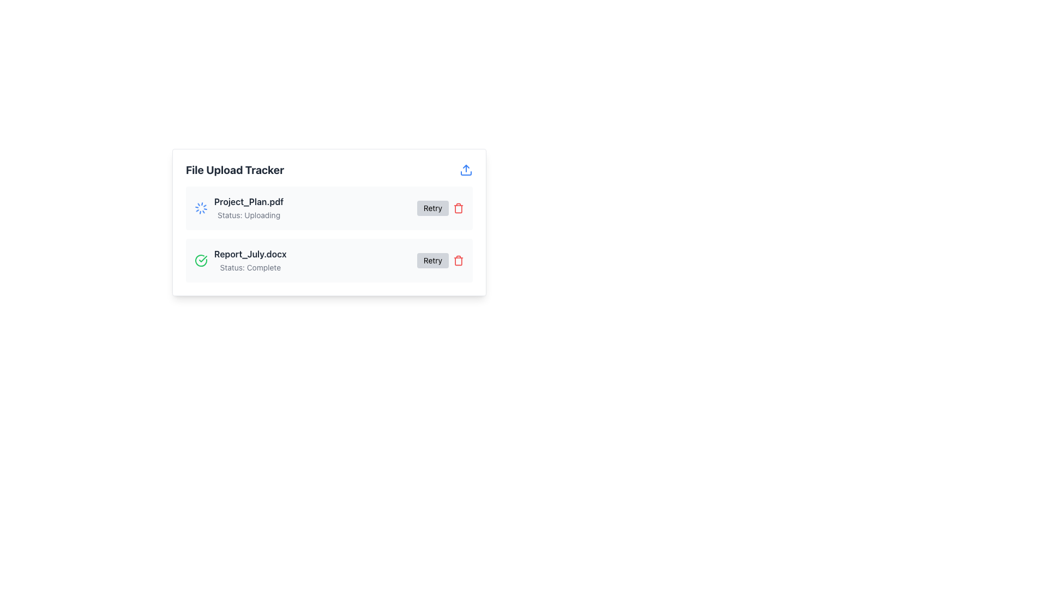 This screenshot has width=1047, height=589. Describe the element at coordinates (432, 208) in the screenshot. I see `the top 'Retry' button, which is a rounded rectangular button with light gray background and dark text, located in the first row of a file upload tracker, aligned to the far-right adjacent to a trash icon` at that location.